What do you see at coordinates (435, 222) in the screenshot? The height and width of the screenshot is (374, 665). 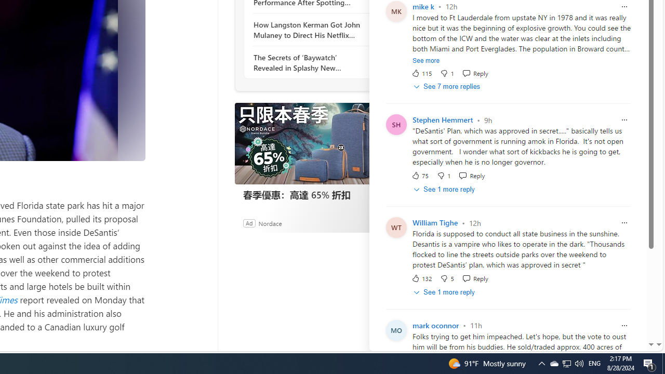 I see `'William Tighe'` at bounding box center [435, 222].